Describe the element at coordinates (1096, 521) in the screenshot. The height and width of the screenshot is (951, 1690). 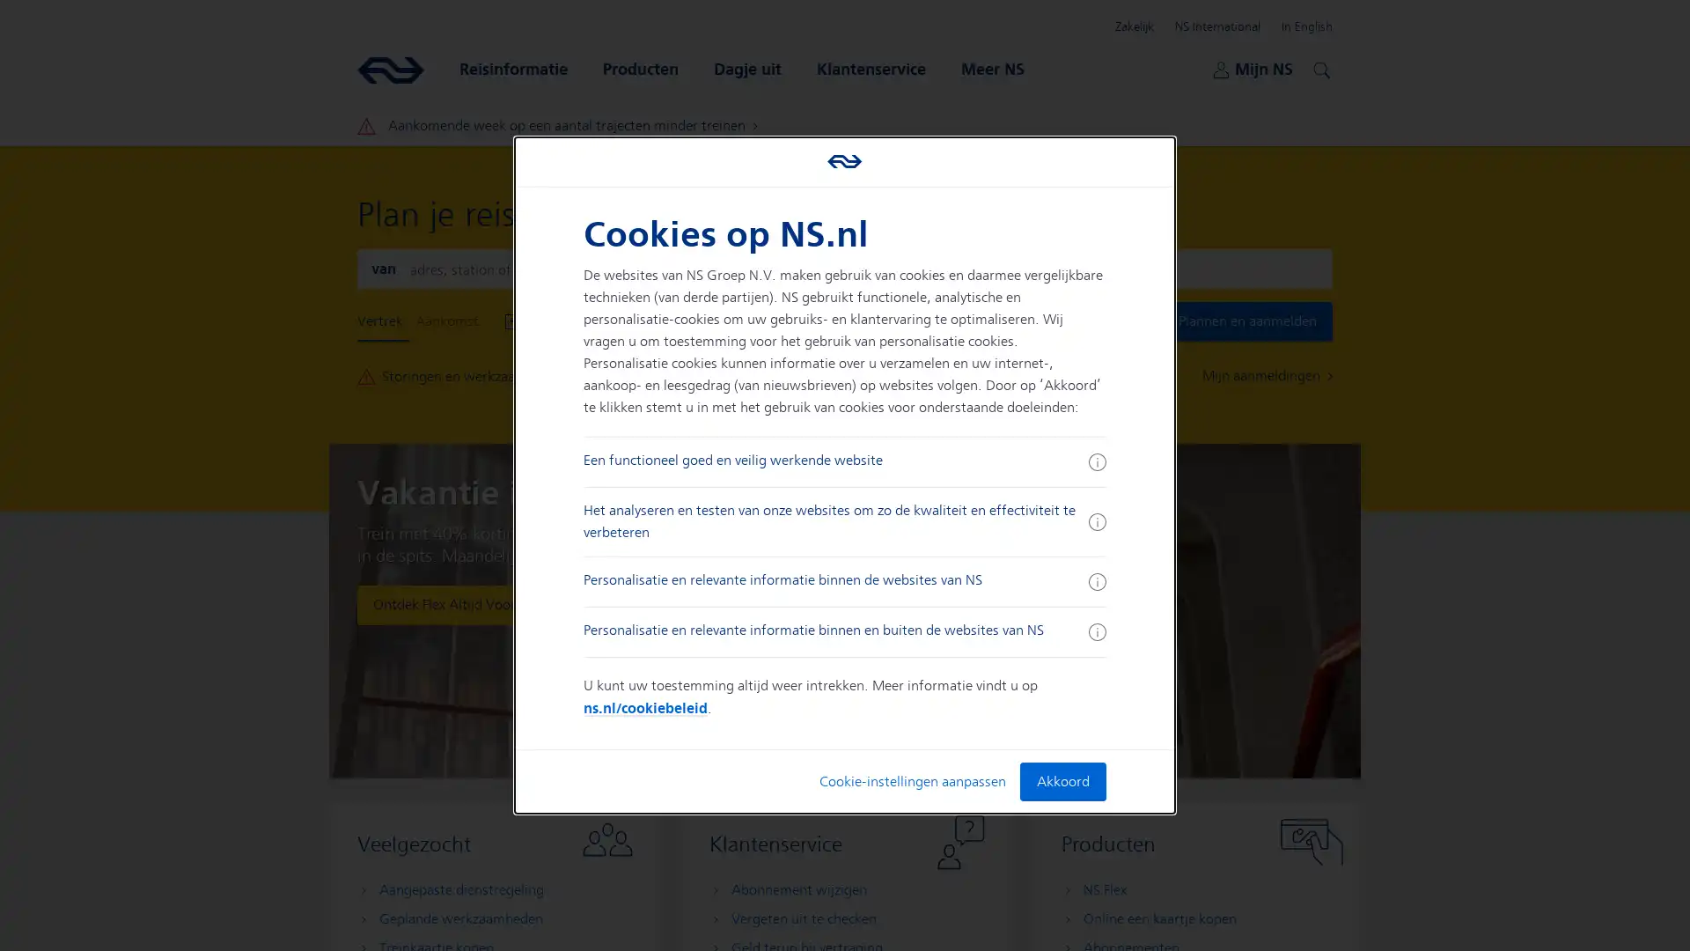
I see `Meer informatie ingeklapt` at that location.